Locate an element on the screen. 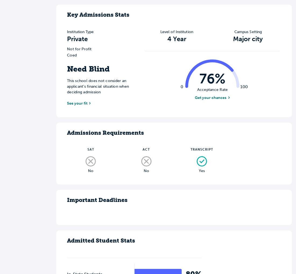 This screenshot has height=274, width=296. '76%' is located at coordinates (199, 78).